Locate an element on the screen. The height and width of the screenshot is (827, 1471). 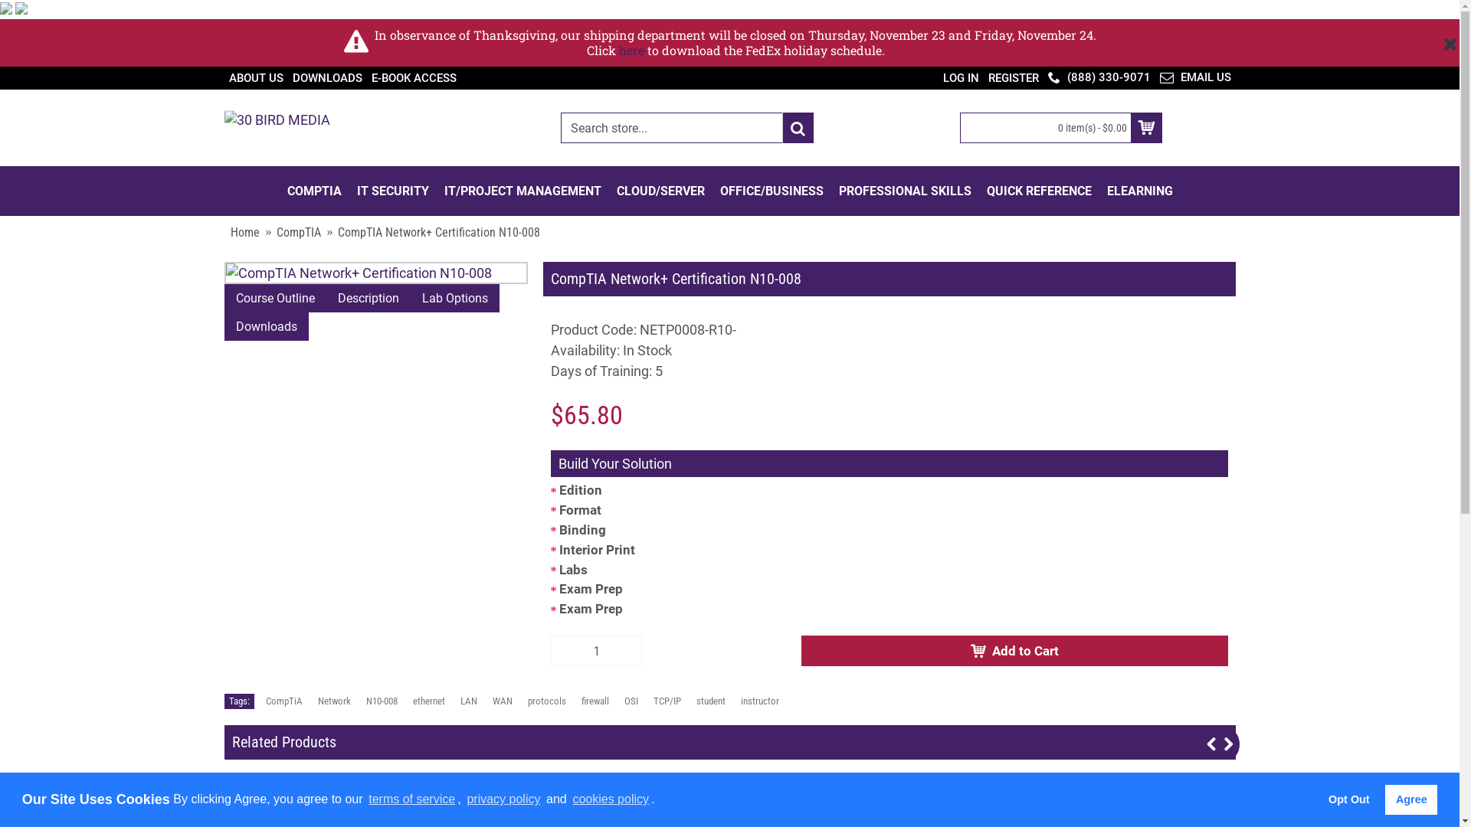
'30 BIRD MEDIA' is located at coordinates (276, 127).